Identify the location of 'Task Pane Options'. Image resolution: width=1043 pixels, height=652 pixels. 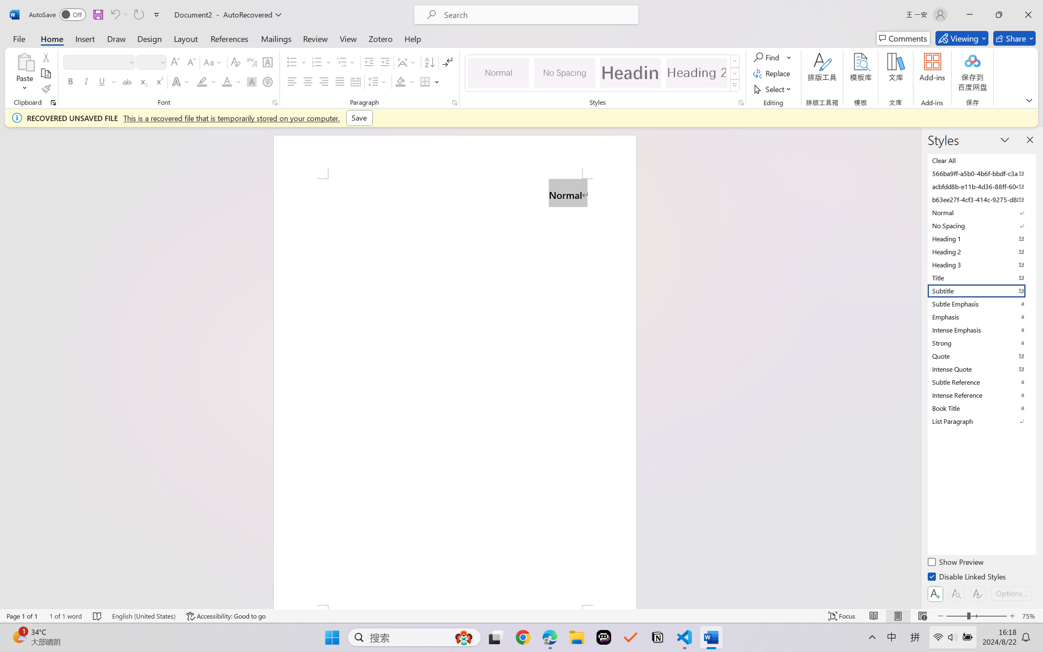
(1005, 139).